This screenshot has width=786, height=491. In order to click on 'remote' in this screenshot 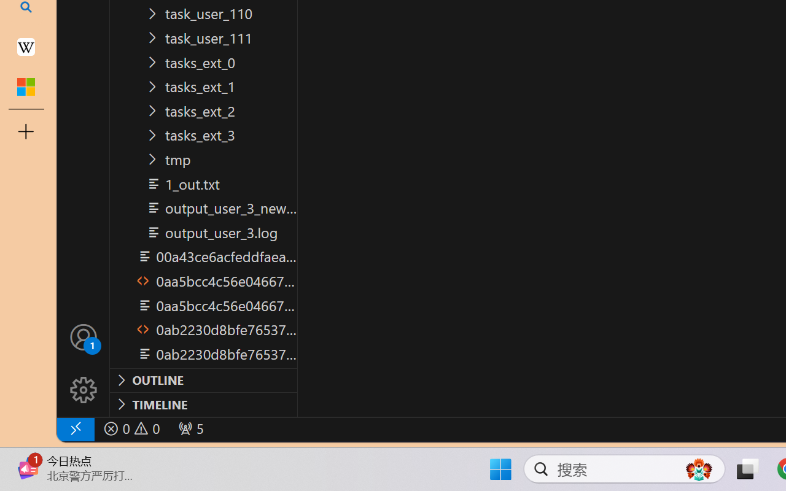, I will do `click(74, 428)`.